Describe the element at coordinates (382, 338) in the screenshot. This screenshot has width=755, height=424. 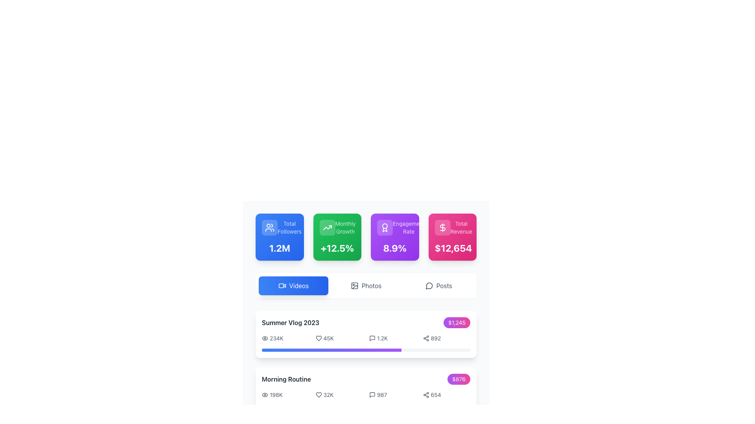
I see `the comment count text displaying the number of comments for 'Summer Vlog 2023'` at that location.